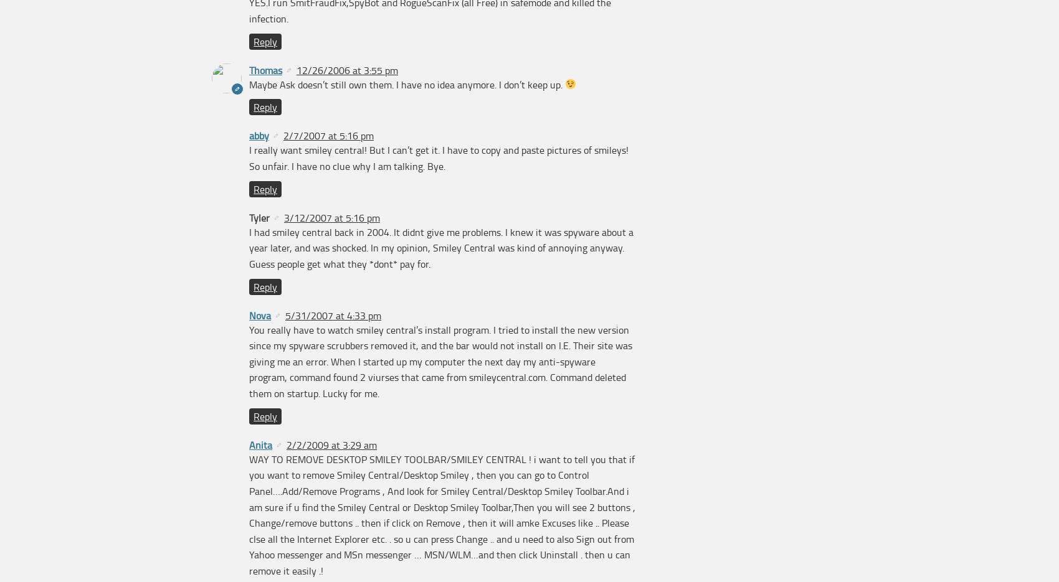 The width and height of the screenshot is (1059, 582). I want to click on '2/7/2007 at 5:16 pm', so click(283, 136).